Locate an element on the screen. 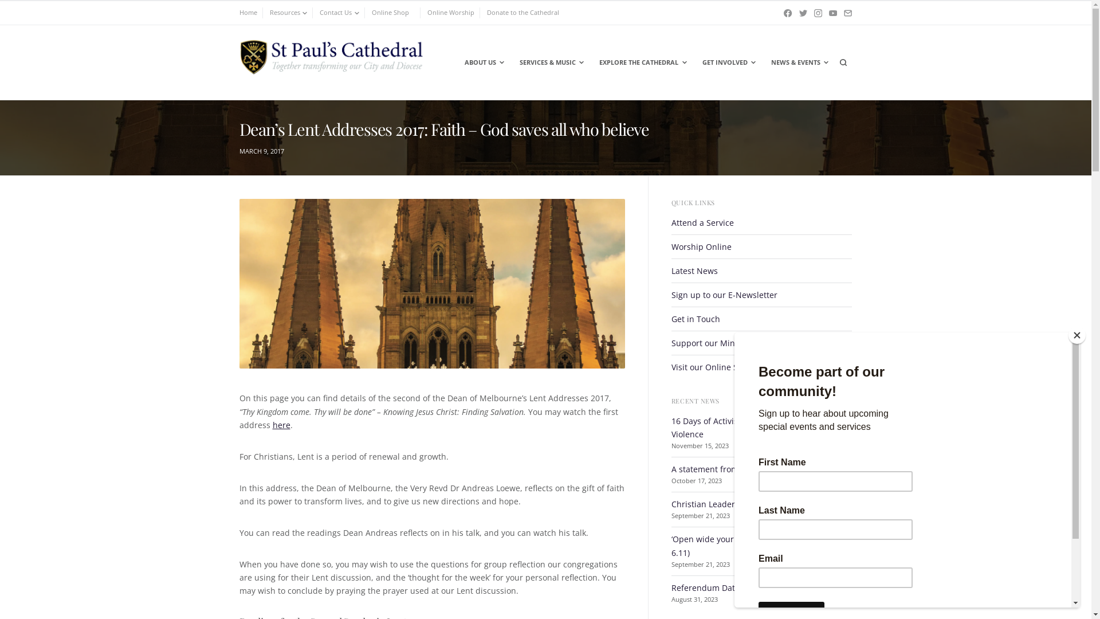 The width and height of the screenshot is (1100, 619). 'Christian Leaders Affirm, Pray for the Voice' is located at coordinates (753, 503).